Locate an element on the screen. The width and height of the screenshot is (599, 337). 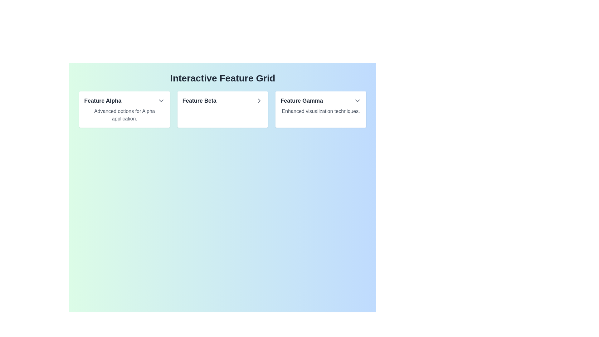
the 'Feature Gamma' expandable box located in the bottom-right corner is located at coordinates (321, 109).